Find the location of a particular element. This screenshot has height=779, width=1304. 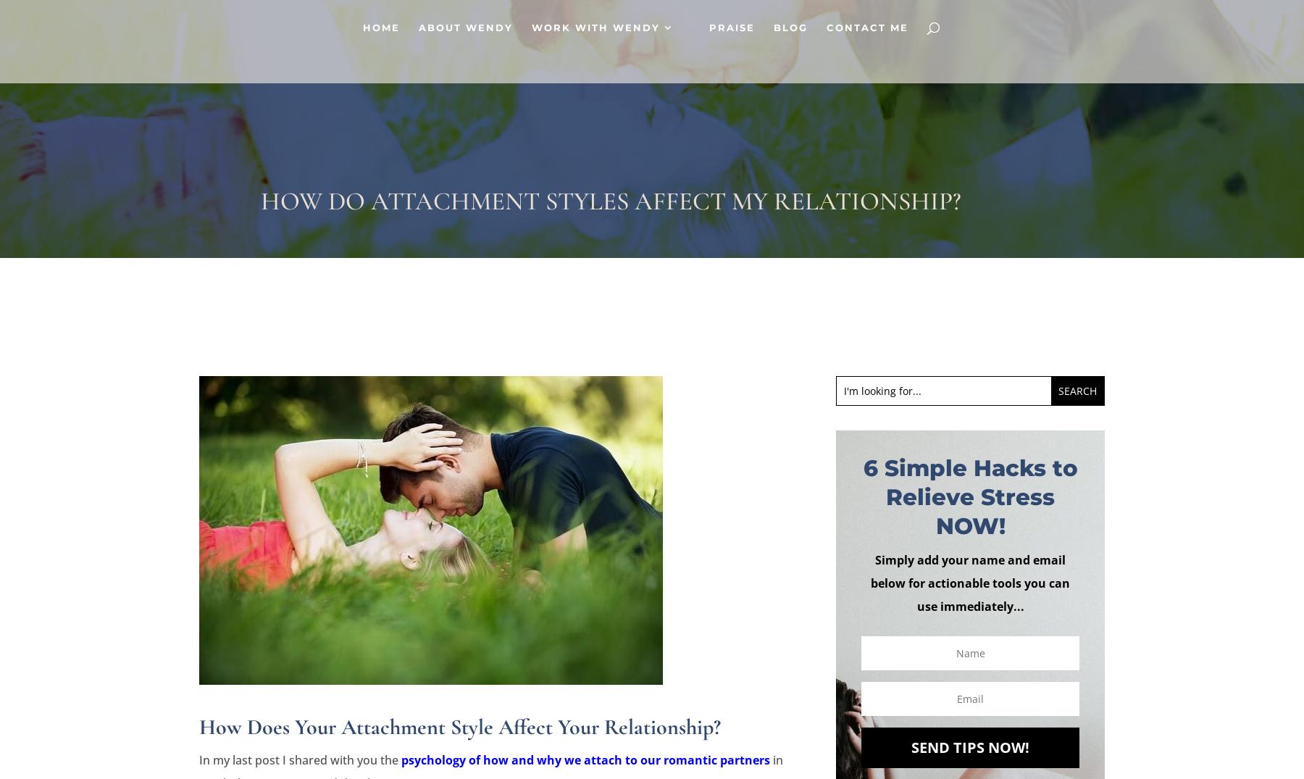

'Parenting A Struggling Teen Program' is located at coordinates (791, 301).